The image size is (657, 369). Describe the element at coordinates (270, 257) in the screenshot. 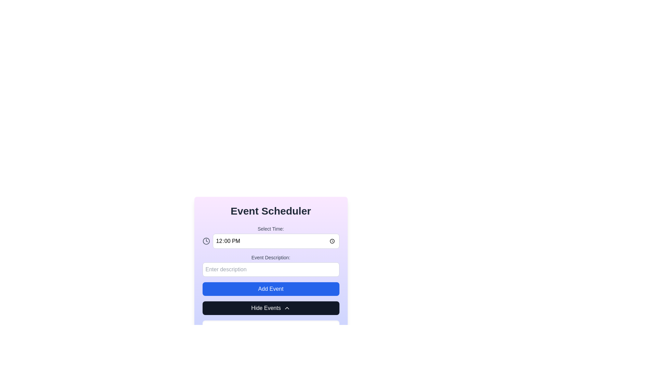

I see `the text label indicating that users should enter a description for the event, which is centrally located below the time selection section and precedes the input field` at that location.